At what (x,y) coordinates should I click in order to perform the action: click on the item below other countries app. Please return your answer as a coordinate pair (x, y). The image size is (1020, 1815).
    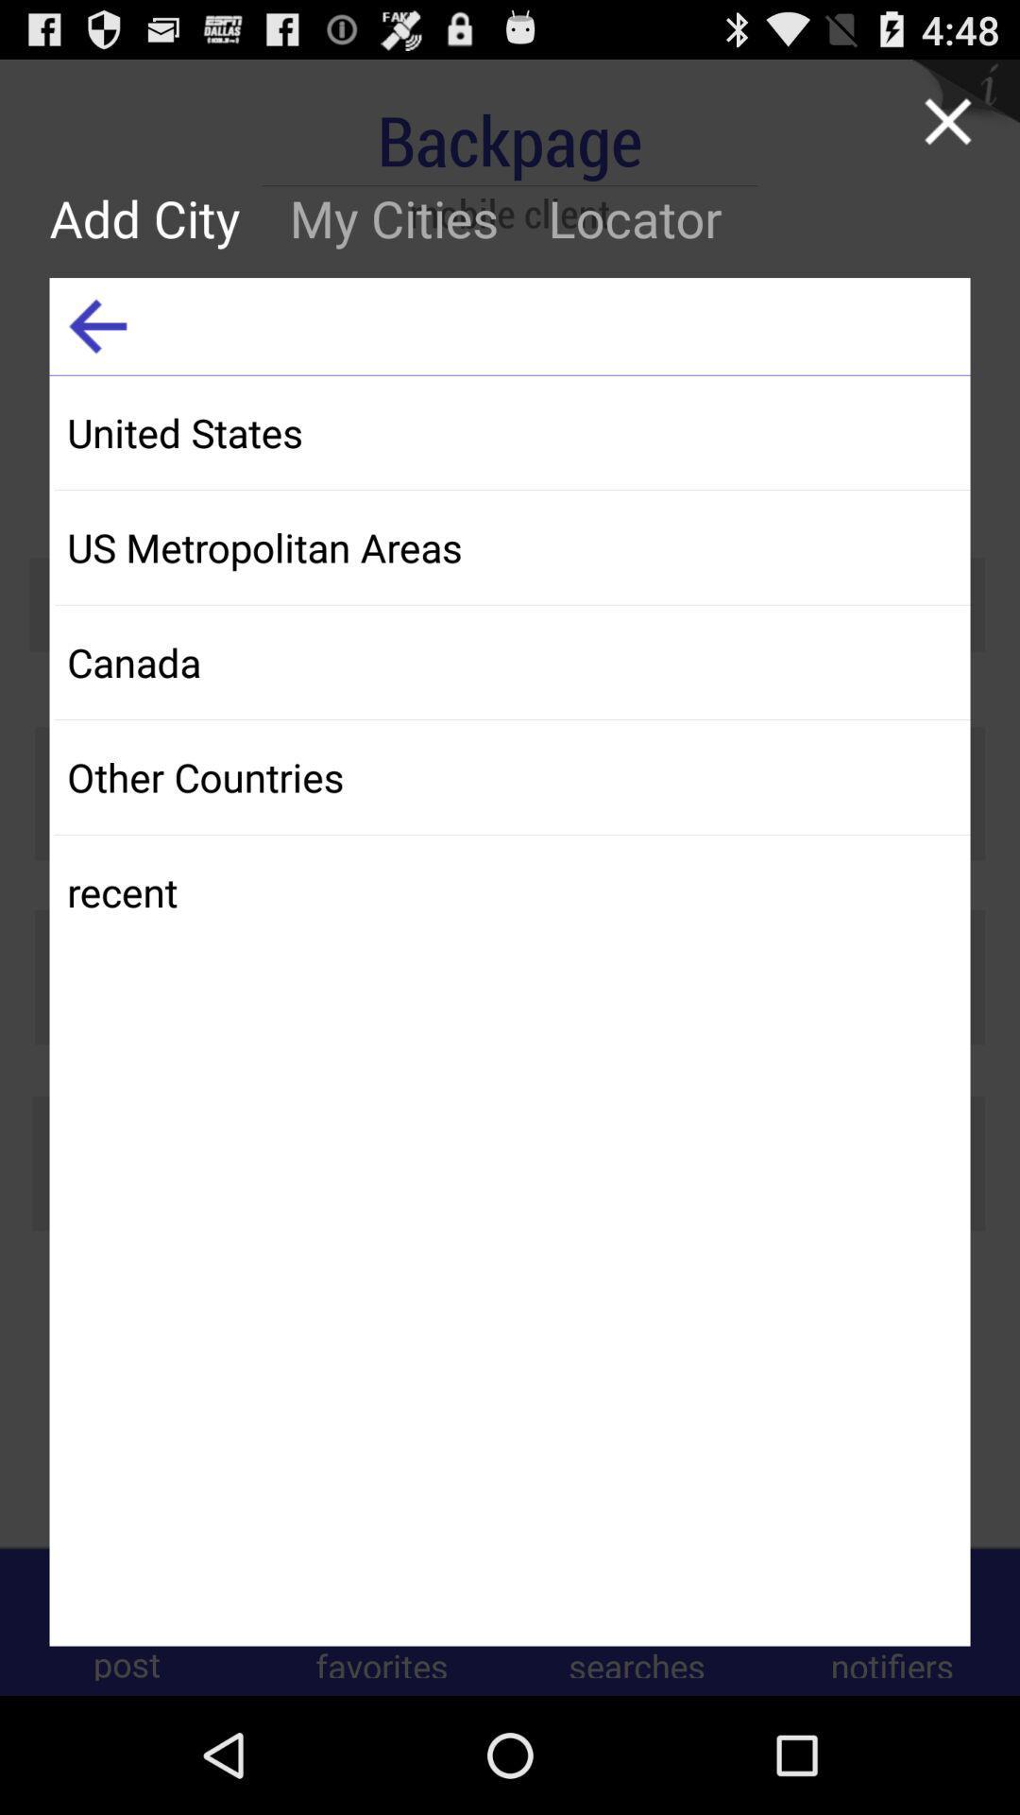
    Looking at the image, I should click on (512, 890).